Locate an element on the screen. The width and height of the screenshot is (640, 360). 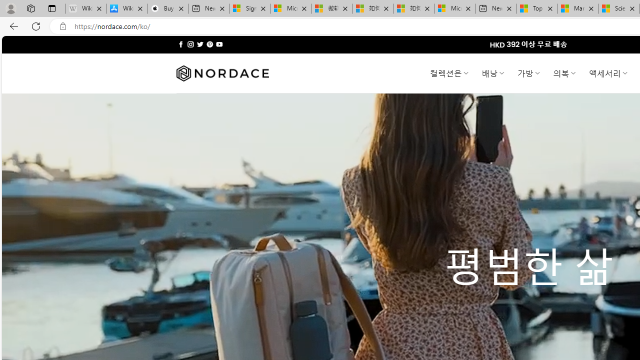
'Back' is located at coordinates (12, 25).